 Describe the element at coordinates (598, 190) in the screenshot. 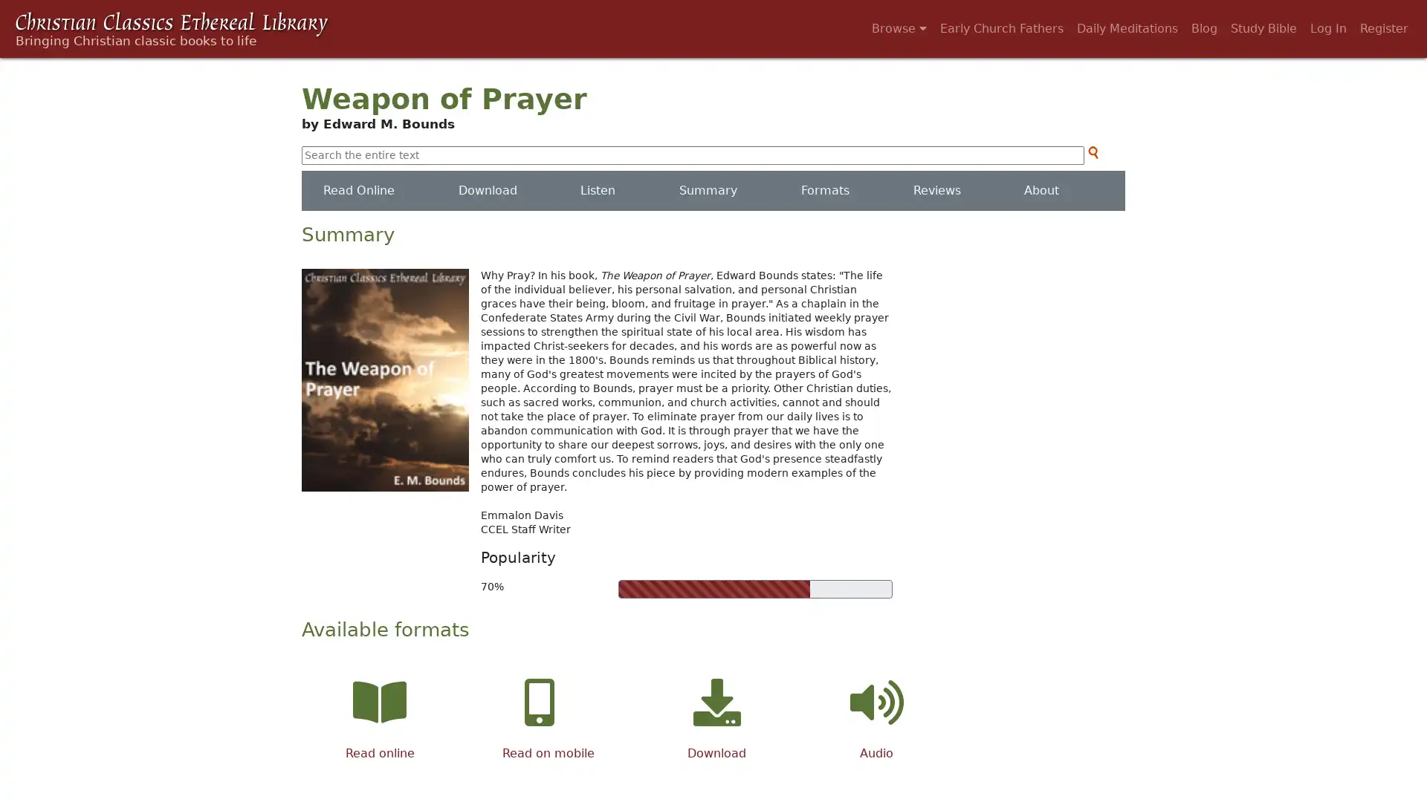

I see `Listen` at that location.